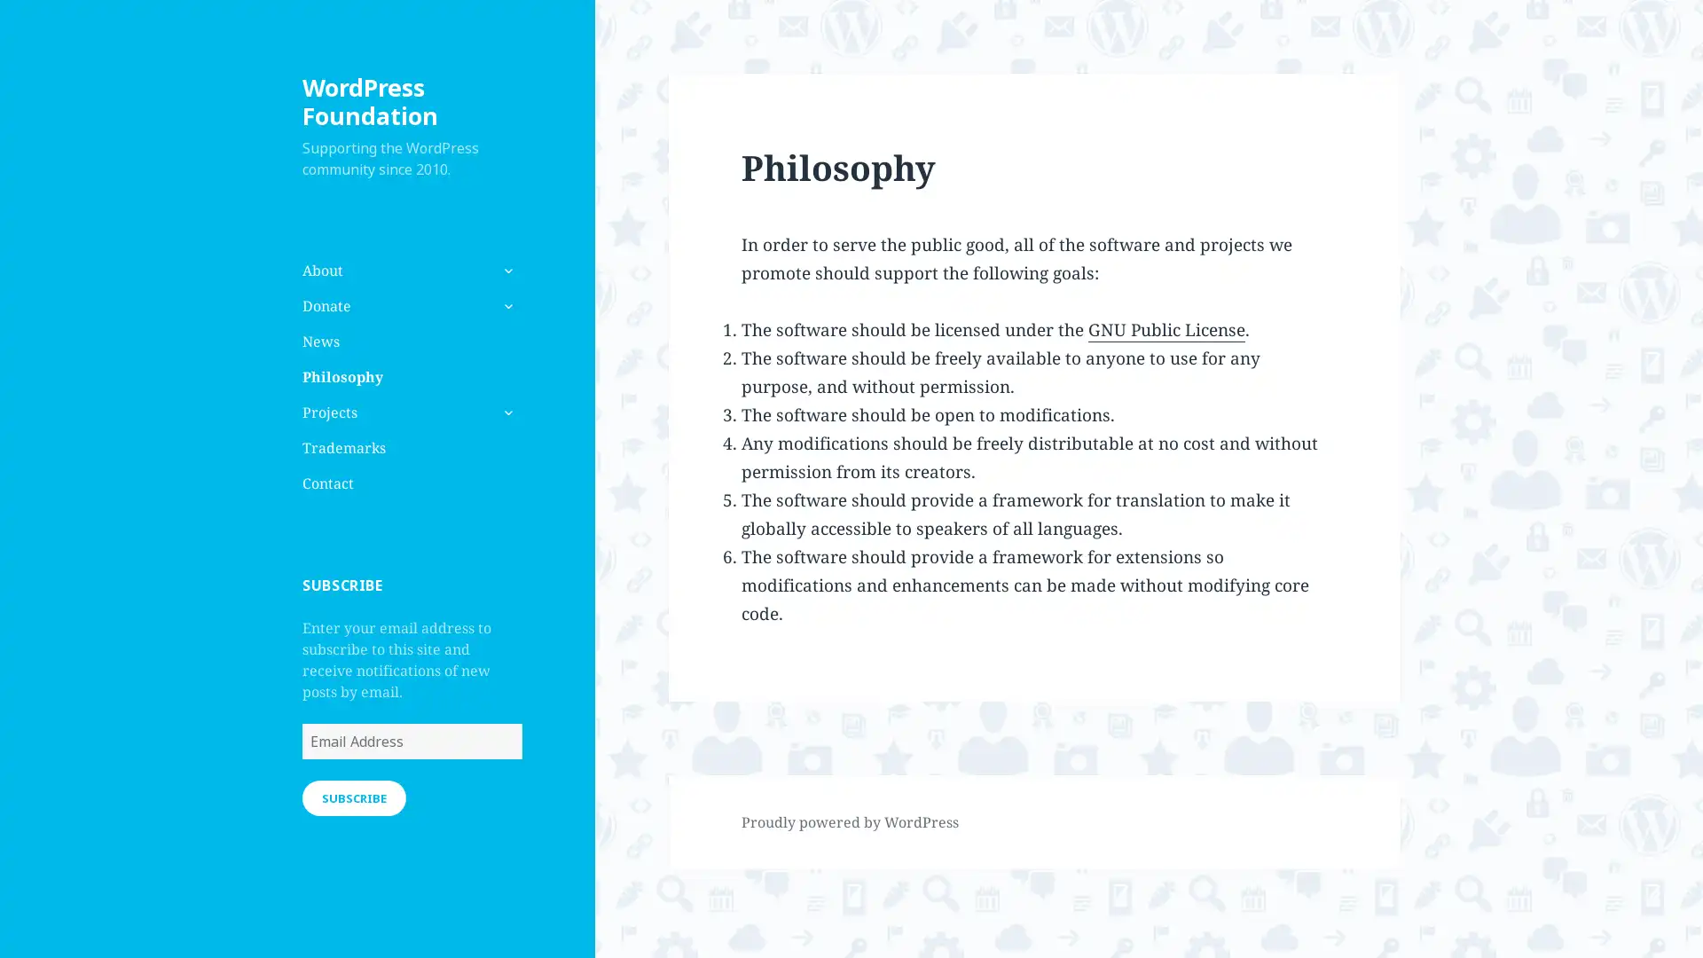 Image resolution: width=1703 pixels, height=958 pixels. What do you see at coordinates (506, 304) in the screenshot?
I see `expand child menu` at bounding box center [506, 304].